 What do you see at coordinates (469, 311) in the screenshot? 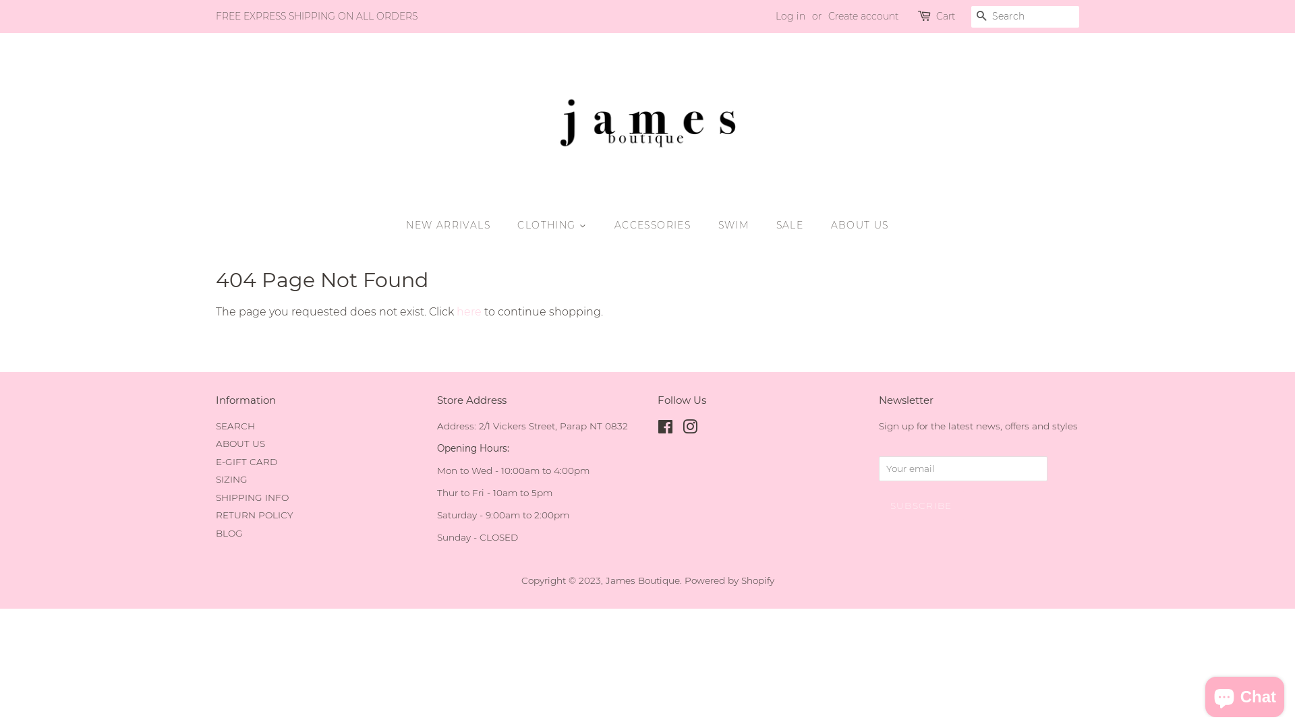
I see `'here'` at bounding box center [469, 311].